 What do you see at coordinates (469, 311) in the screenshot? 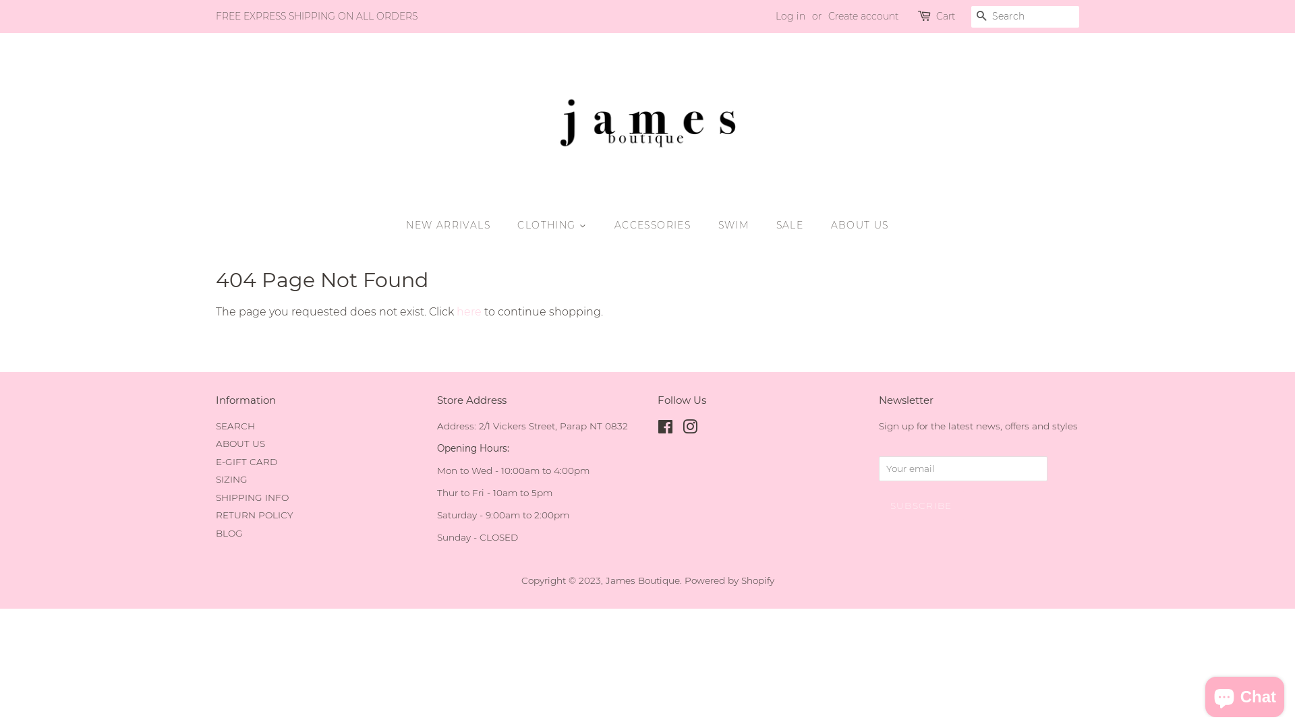
I see `'here'` at bounding box center [469, 311].